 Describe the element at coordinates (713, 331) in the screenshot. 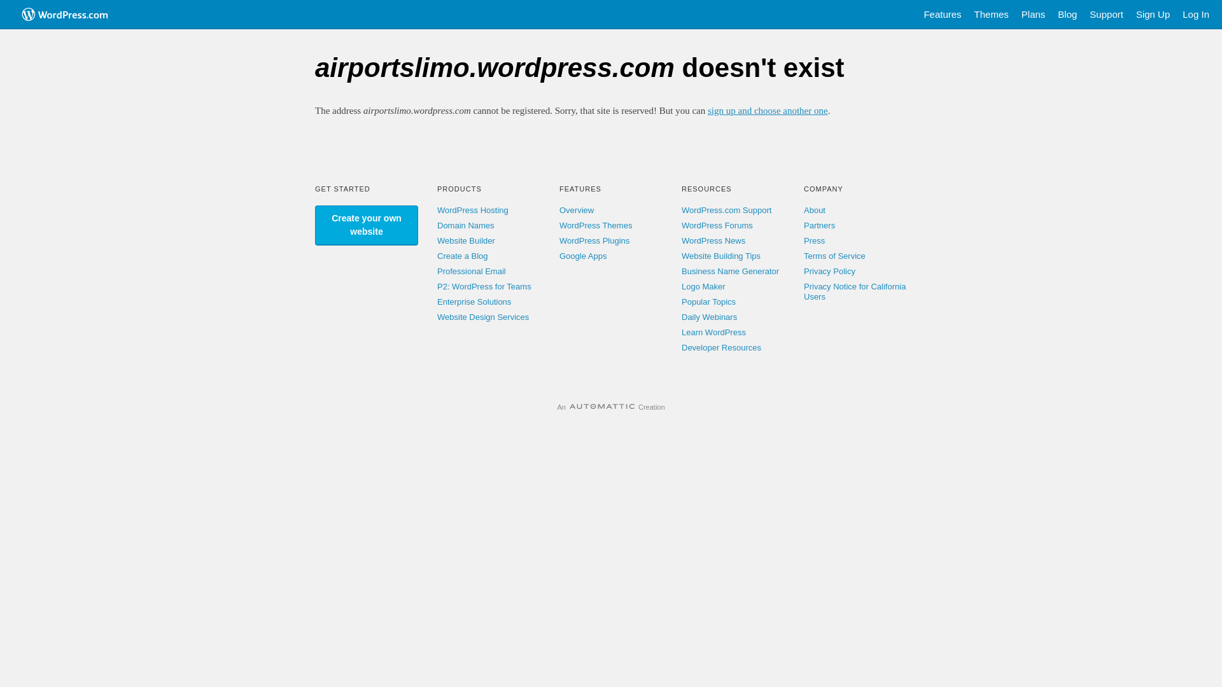

I see `'Learn WordPress'` at that location.